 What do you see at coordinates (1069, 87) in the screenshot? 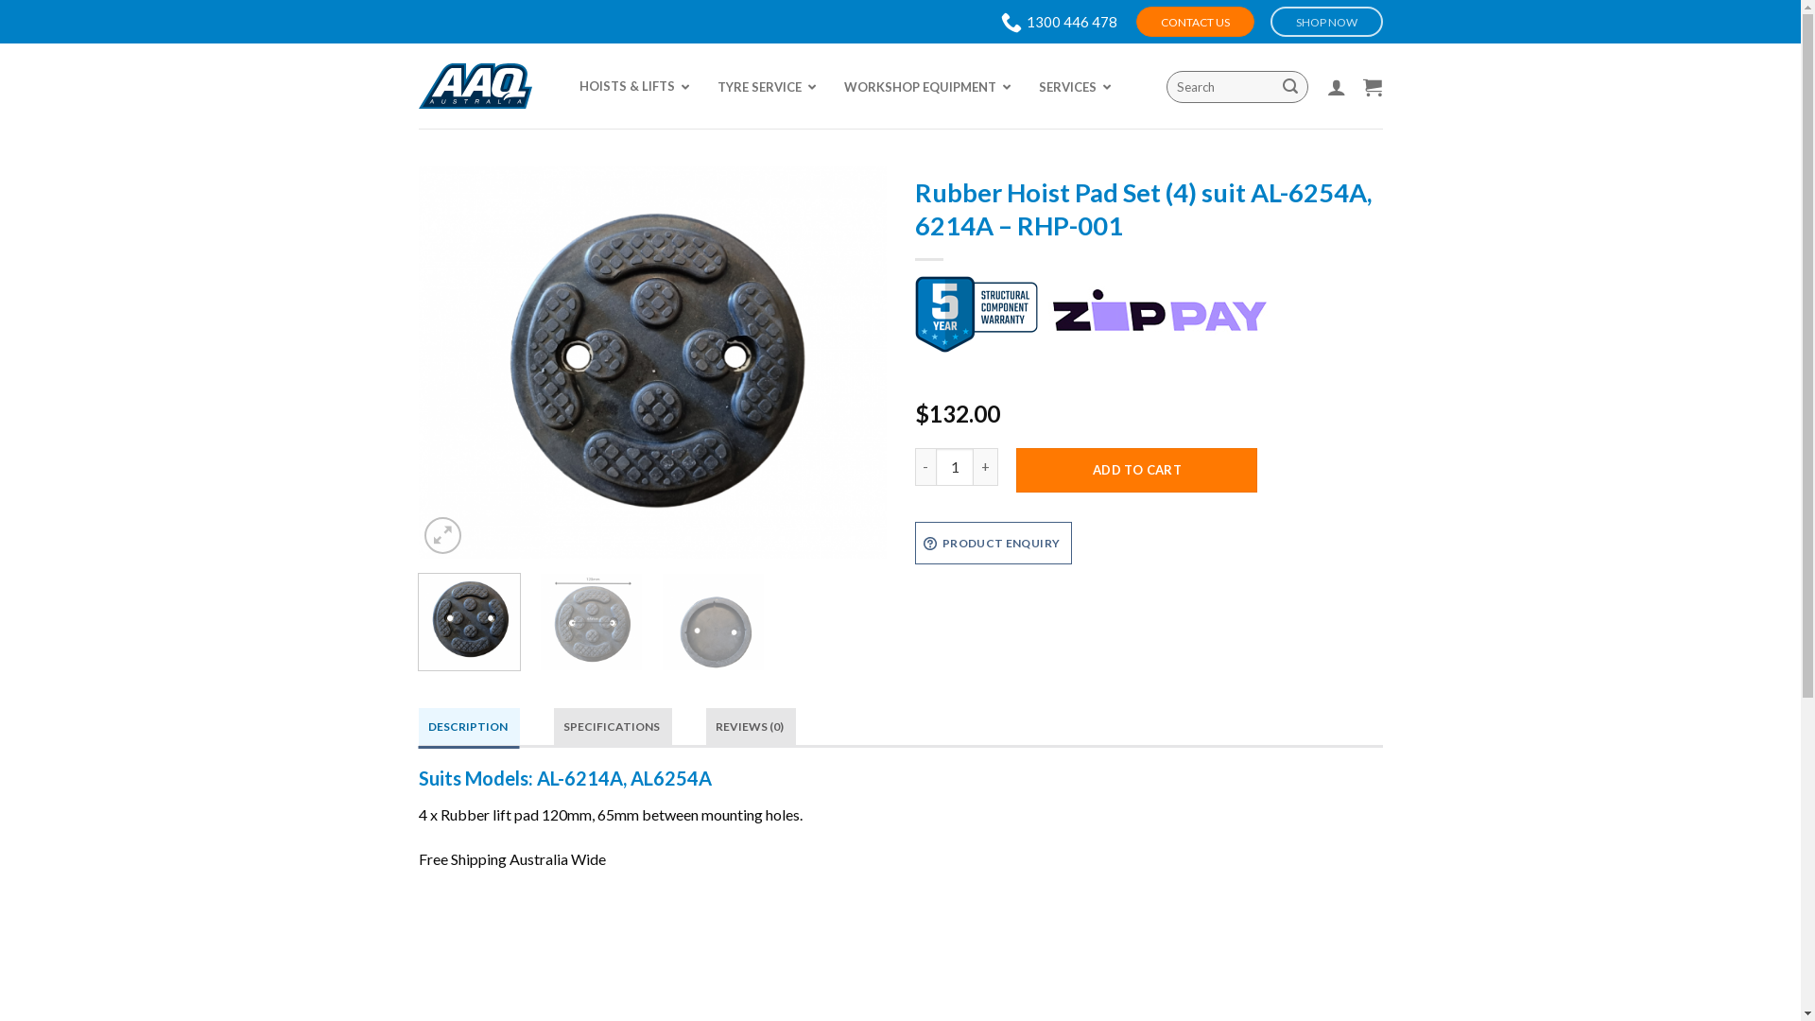
I see `'SERVICES'` at bounding box center [1069, 87].